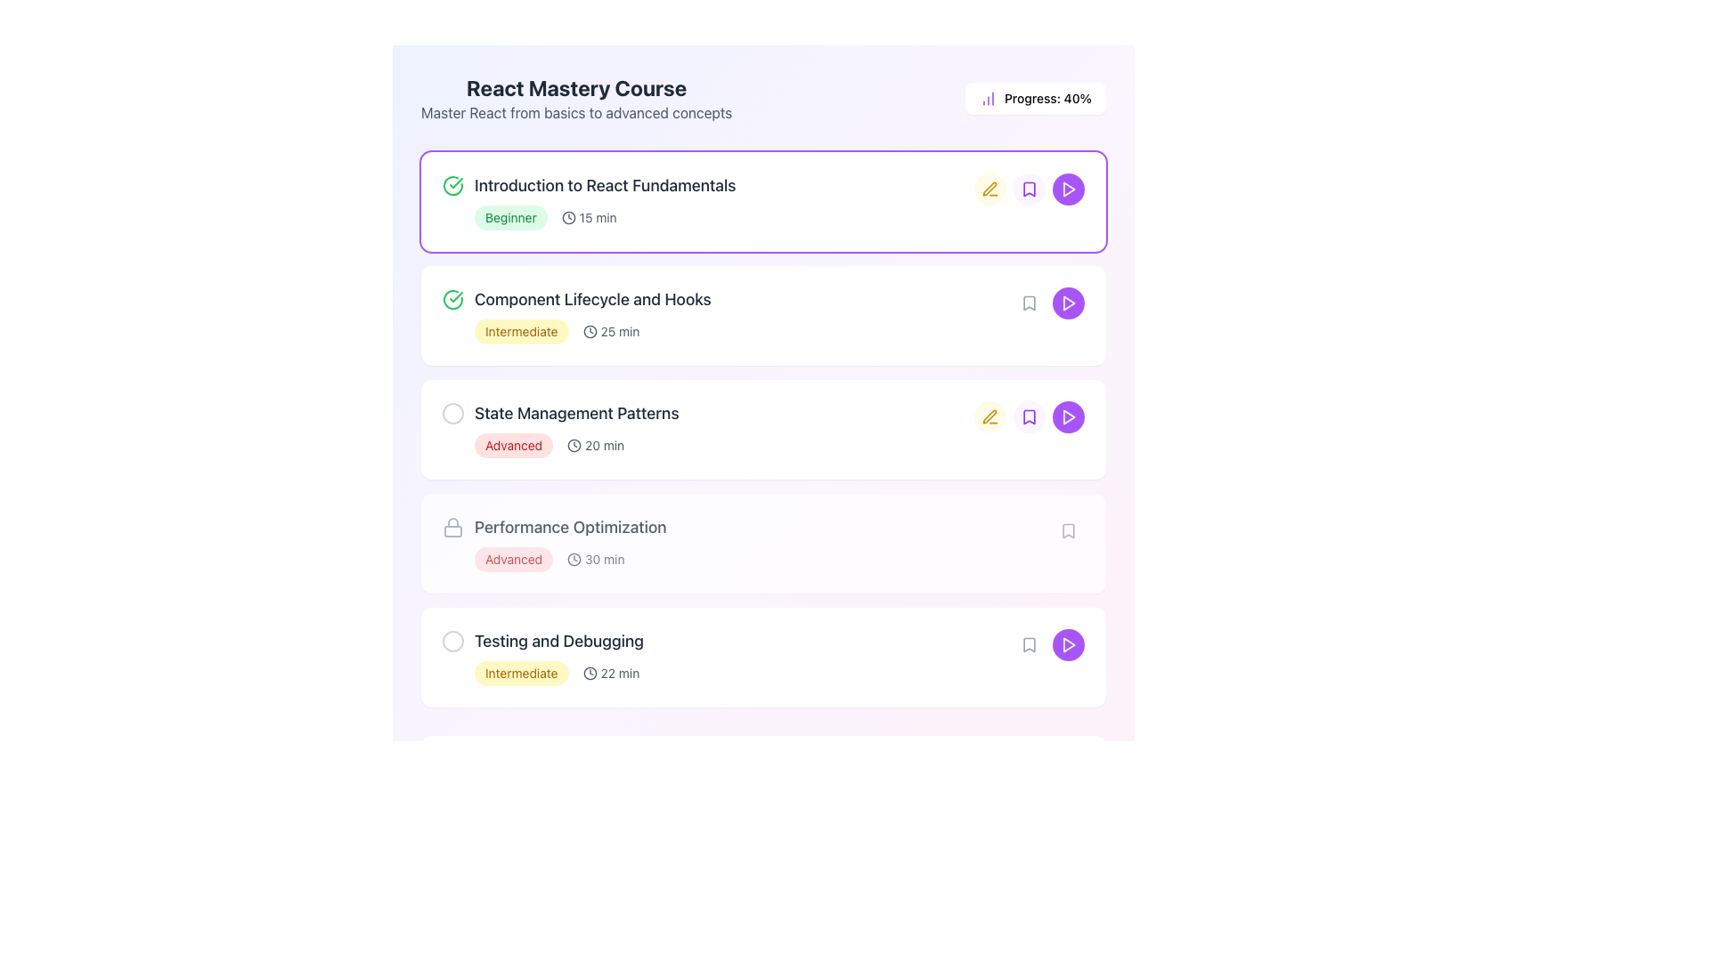 The height and width of the screenshot is (961, 1710). Describe the element at coordinates (1069, 302) in the screenshot. I see `the play button located on the far right of the second course section titled 'Component Lifecycle and Hooks' to initiate playback` at that location.